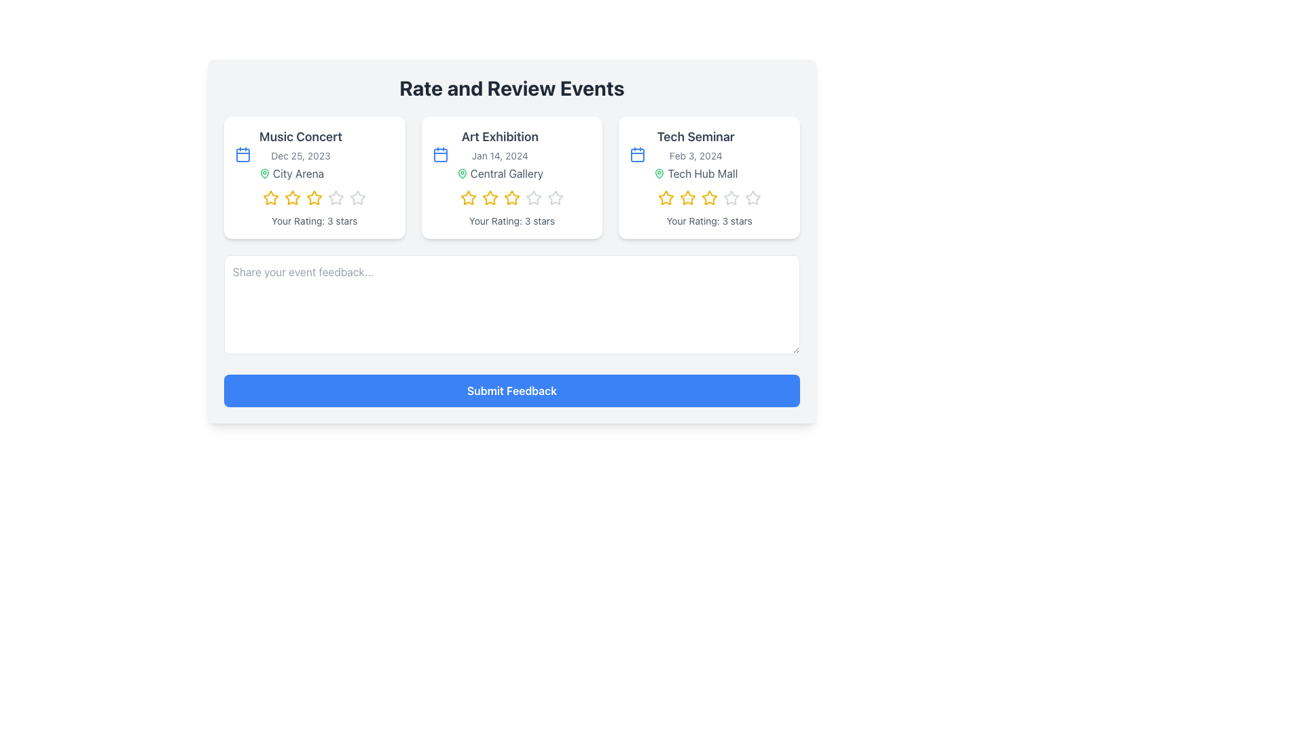 The image size is (1304, 733). Describe the element at coordinates (499, 172) in the screenshot. I see `the 'Central Gallery' text label with a green location pin icon located under the 'Art Exhibition' title and 'Jan 14, 2024' date in the middle card of the layout` at that location.